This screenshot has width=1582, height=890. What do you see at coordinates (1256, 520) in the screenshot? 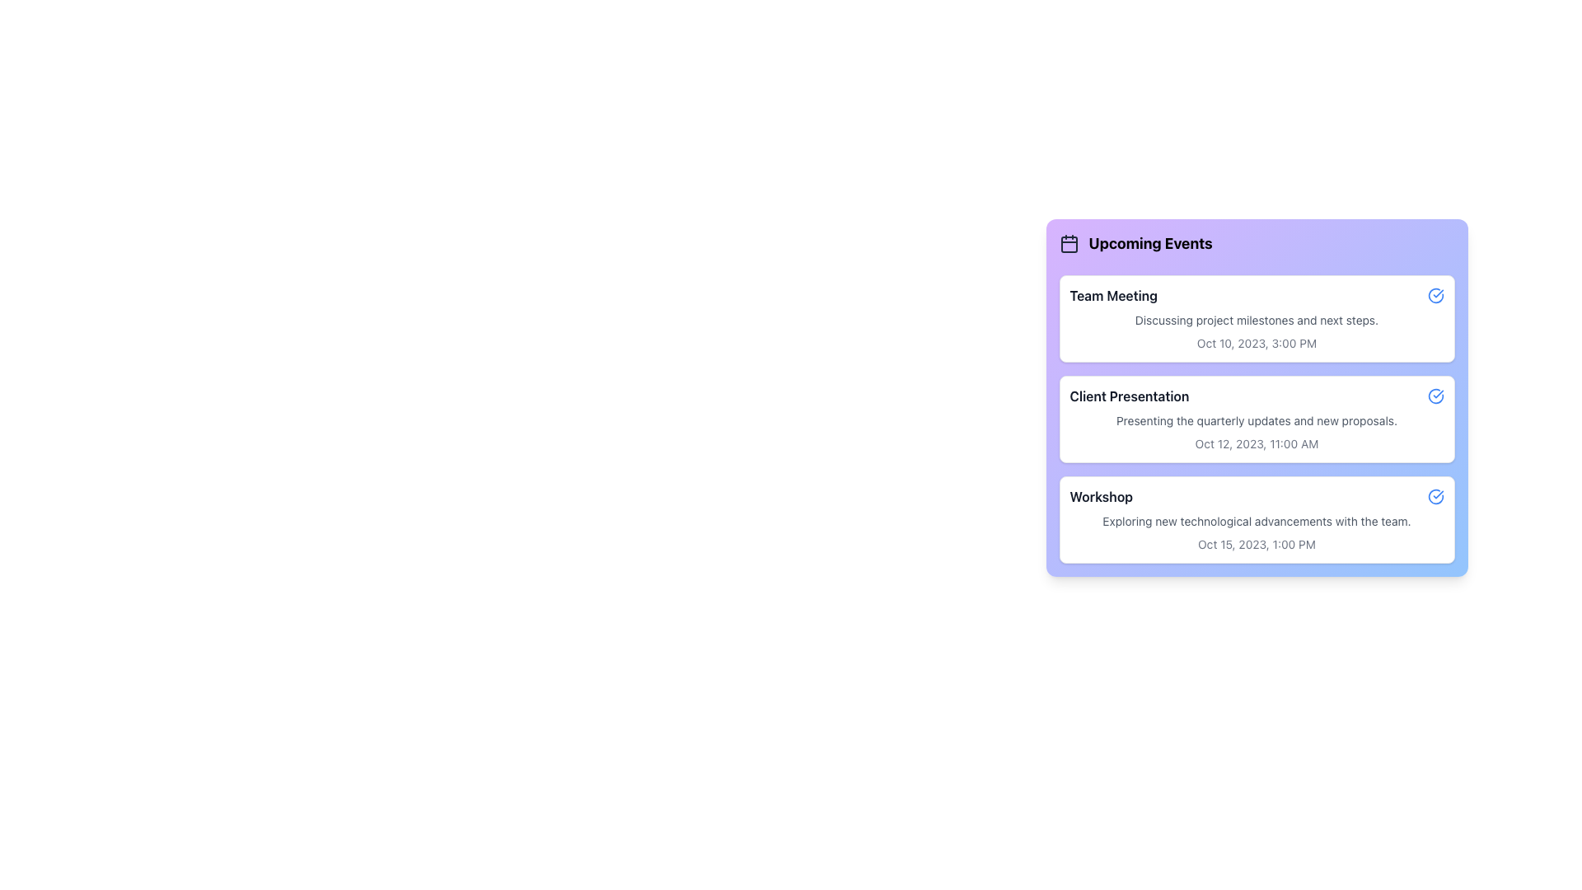
I see `textual content of the third card component labeled 'Workshop' in the 'Upcoming Events' panel, which is the last card in a vertical stack` at bounding box center [1256, 520].